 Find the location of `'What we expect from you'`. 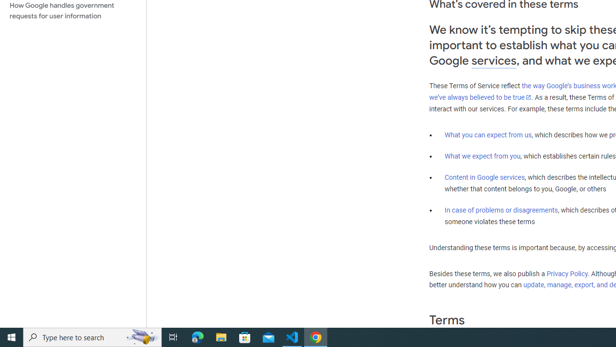

'What we expect from you' is located at coordinates (482, 156).